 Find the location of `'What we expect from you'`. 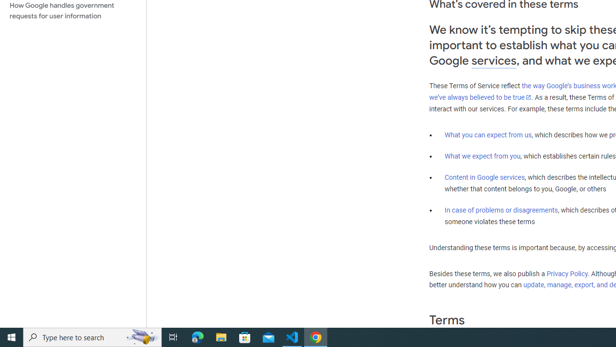

'What we expect from you' is located at coordinates (482, 156).